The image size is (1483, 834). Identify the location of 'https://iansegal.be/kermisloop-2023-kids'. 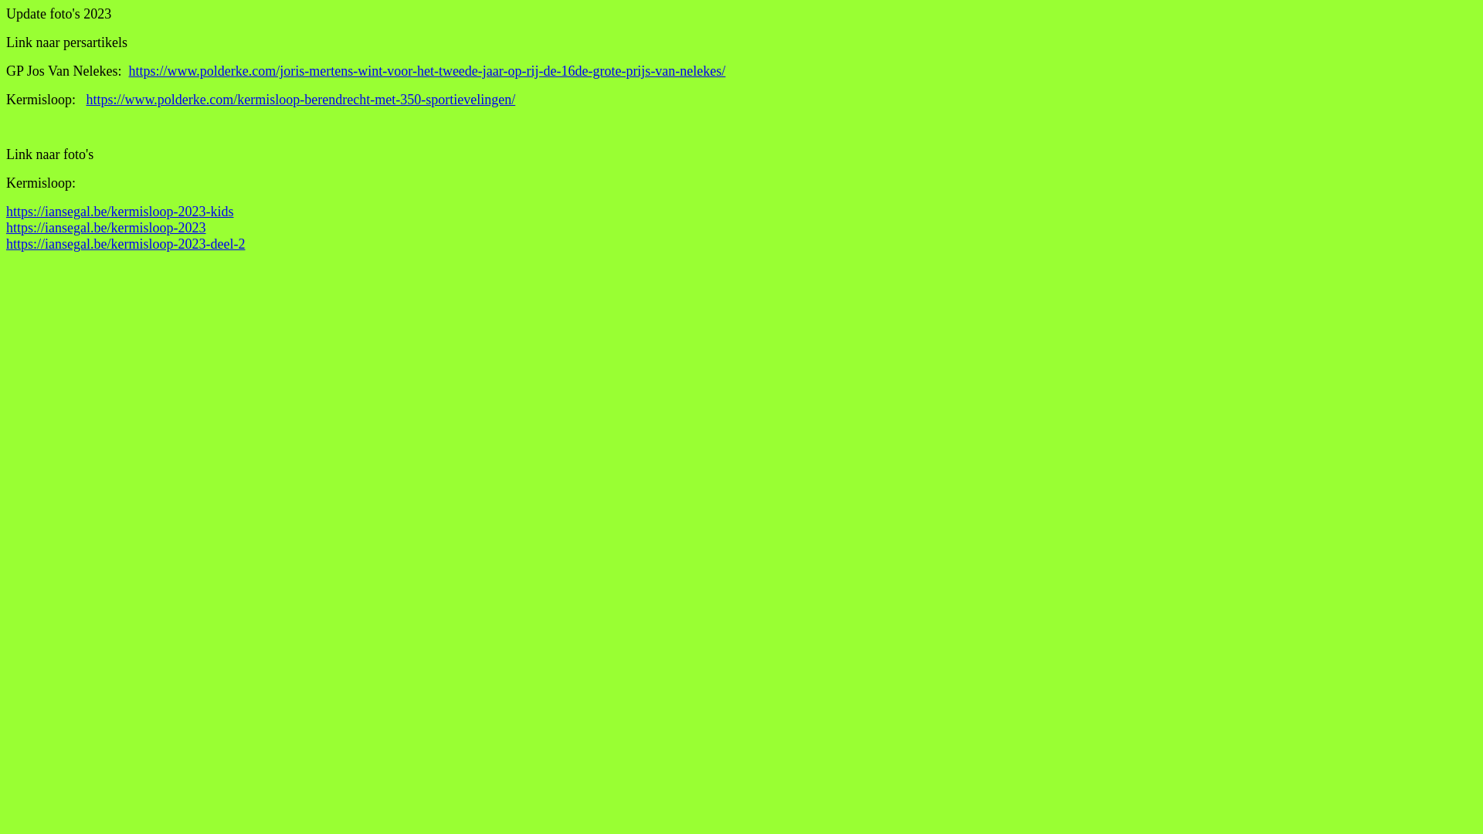
(118, 212).